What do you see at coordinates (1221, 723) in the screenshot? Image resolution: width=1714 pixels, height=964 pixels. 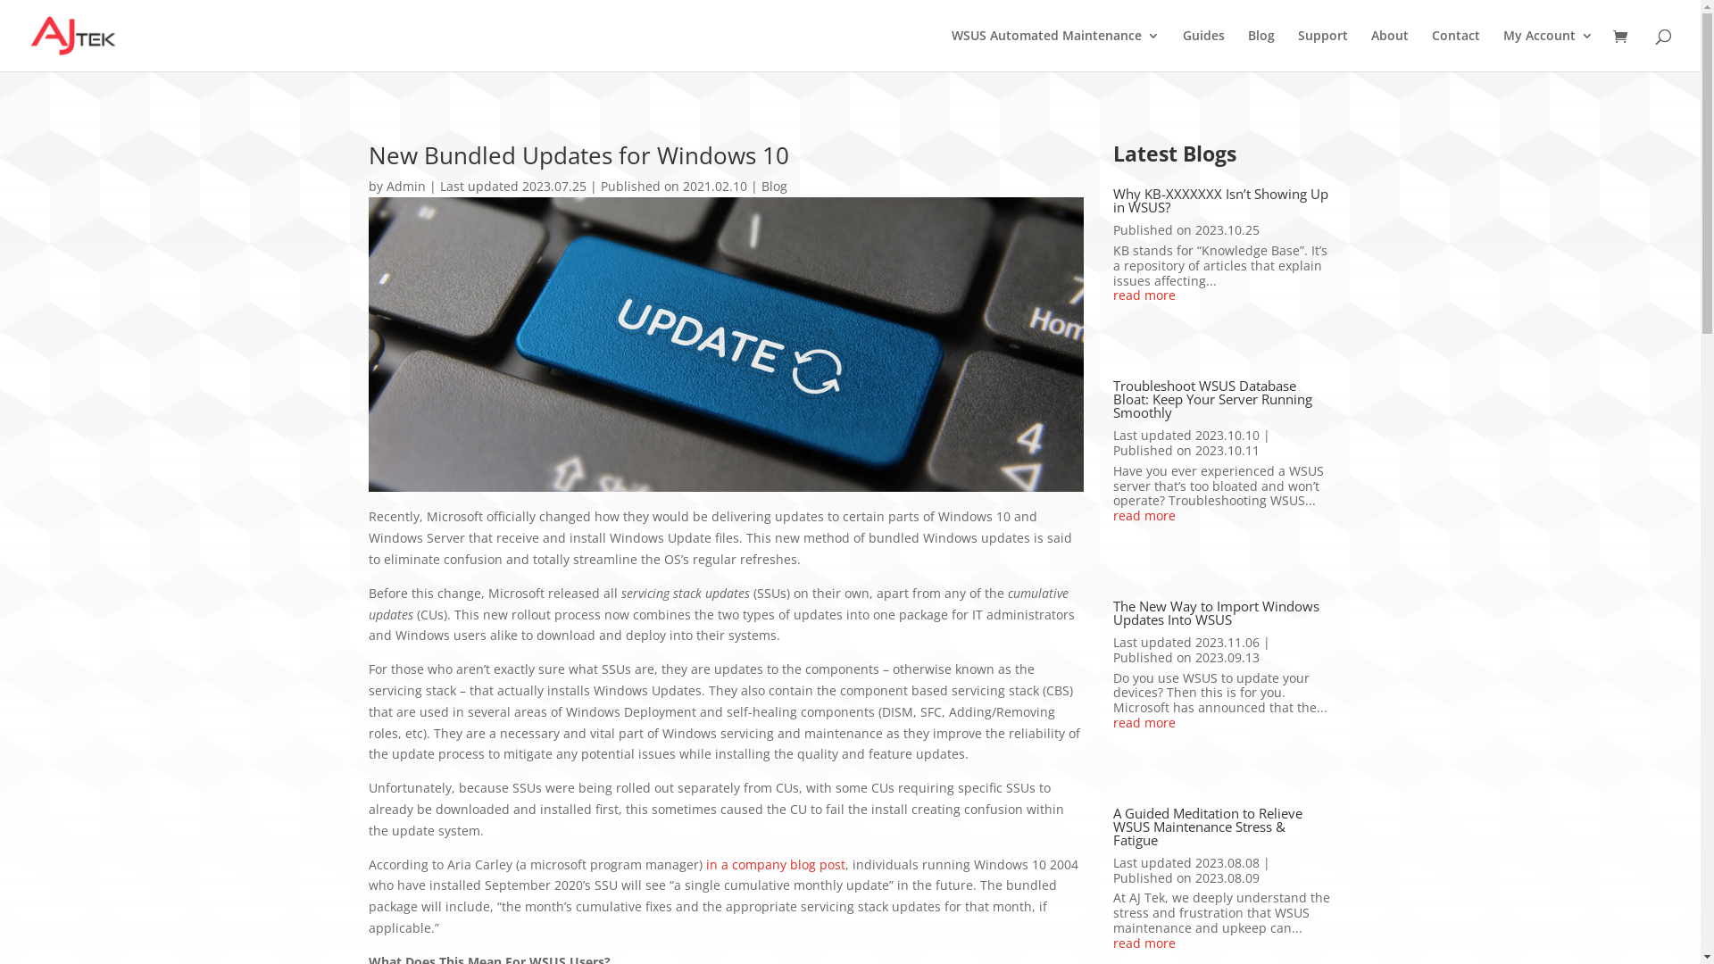 I see `'read more'` at bounding box center [1221, 723].